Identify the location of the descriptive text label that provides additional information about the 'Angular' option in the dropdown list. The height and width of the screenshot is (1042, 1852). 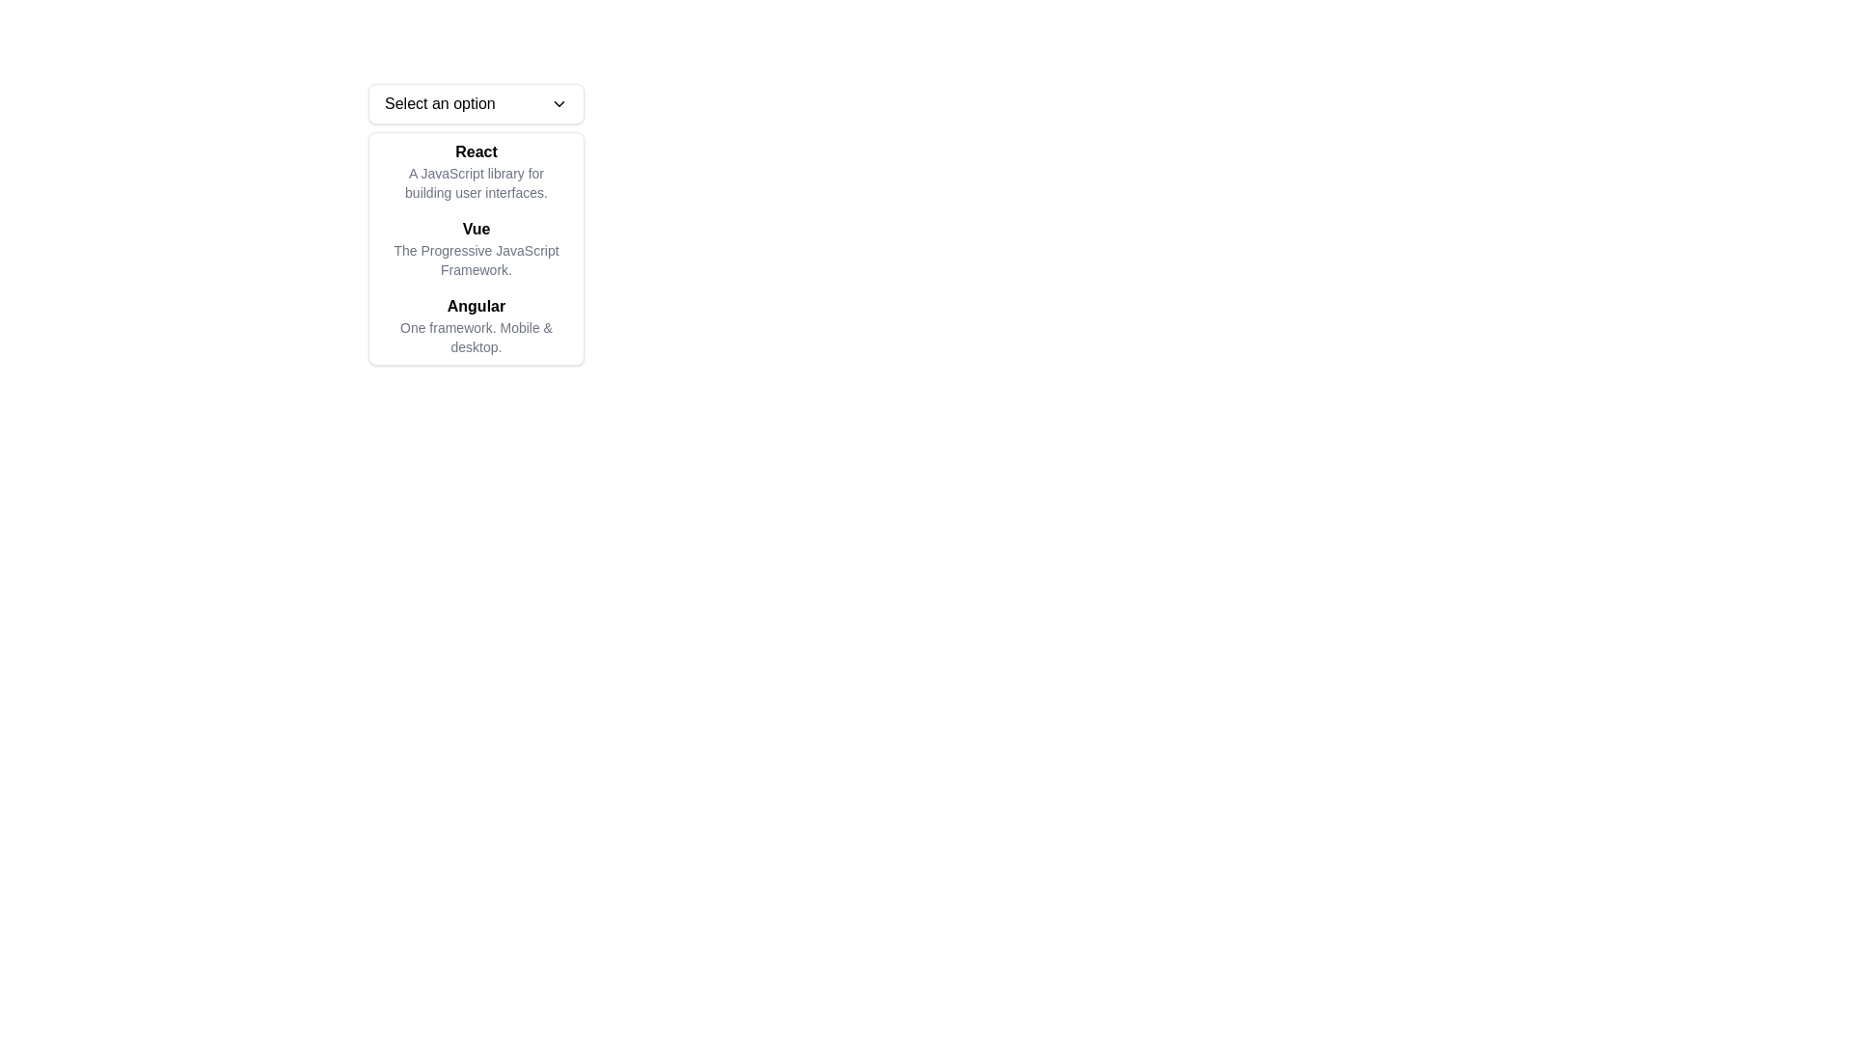
(477, 337).